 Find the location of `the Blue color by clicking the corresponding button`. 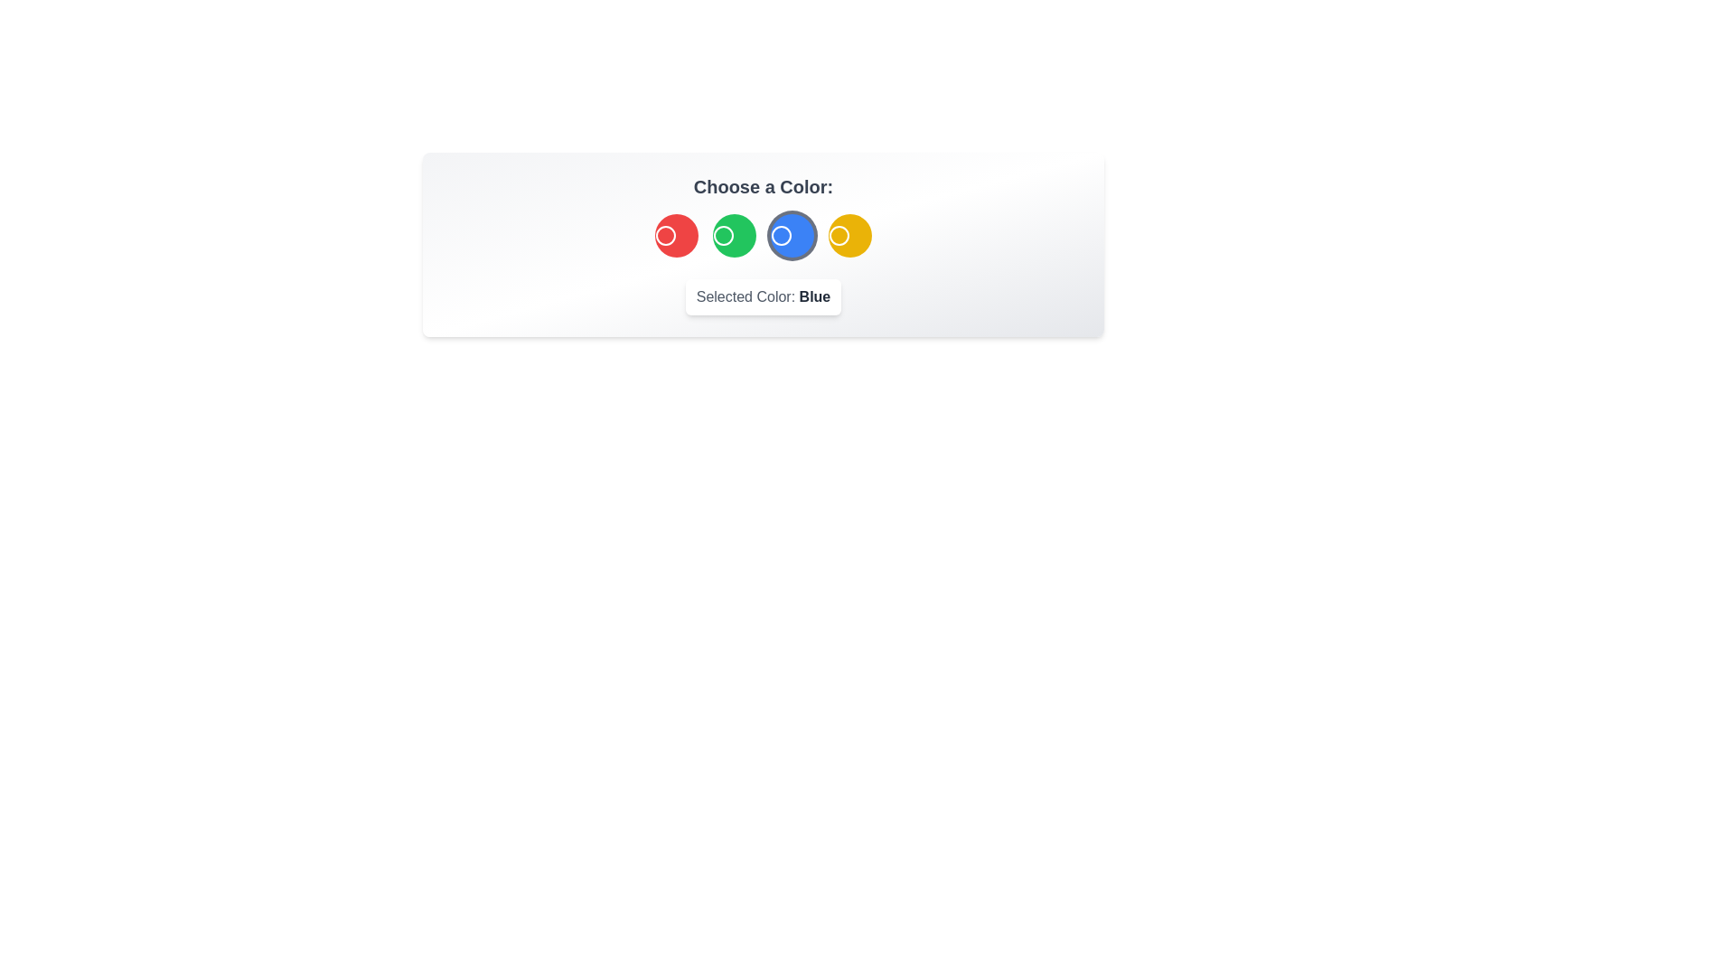

the Blue color by clicking the corresponding button is located at coordinates (792, 235).